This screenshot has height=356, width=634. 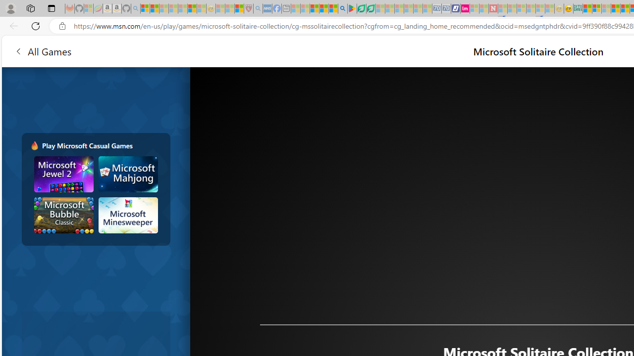 What do you see at coordinates (220, 8) in the screenshot?
I see `'Recipes - MSN - Sleeping'` at bounding box center [220, 8].